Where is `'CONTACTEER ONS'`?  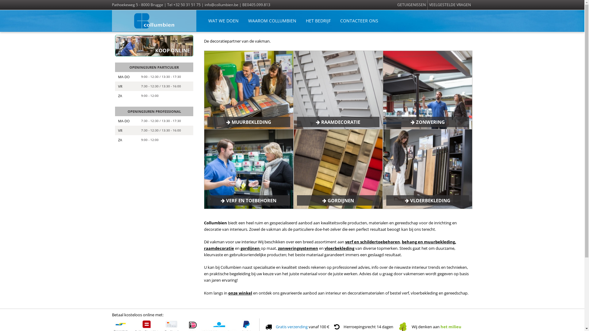
'CONTACTEER ONS' is located at coordinates (335, 21).